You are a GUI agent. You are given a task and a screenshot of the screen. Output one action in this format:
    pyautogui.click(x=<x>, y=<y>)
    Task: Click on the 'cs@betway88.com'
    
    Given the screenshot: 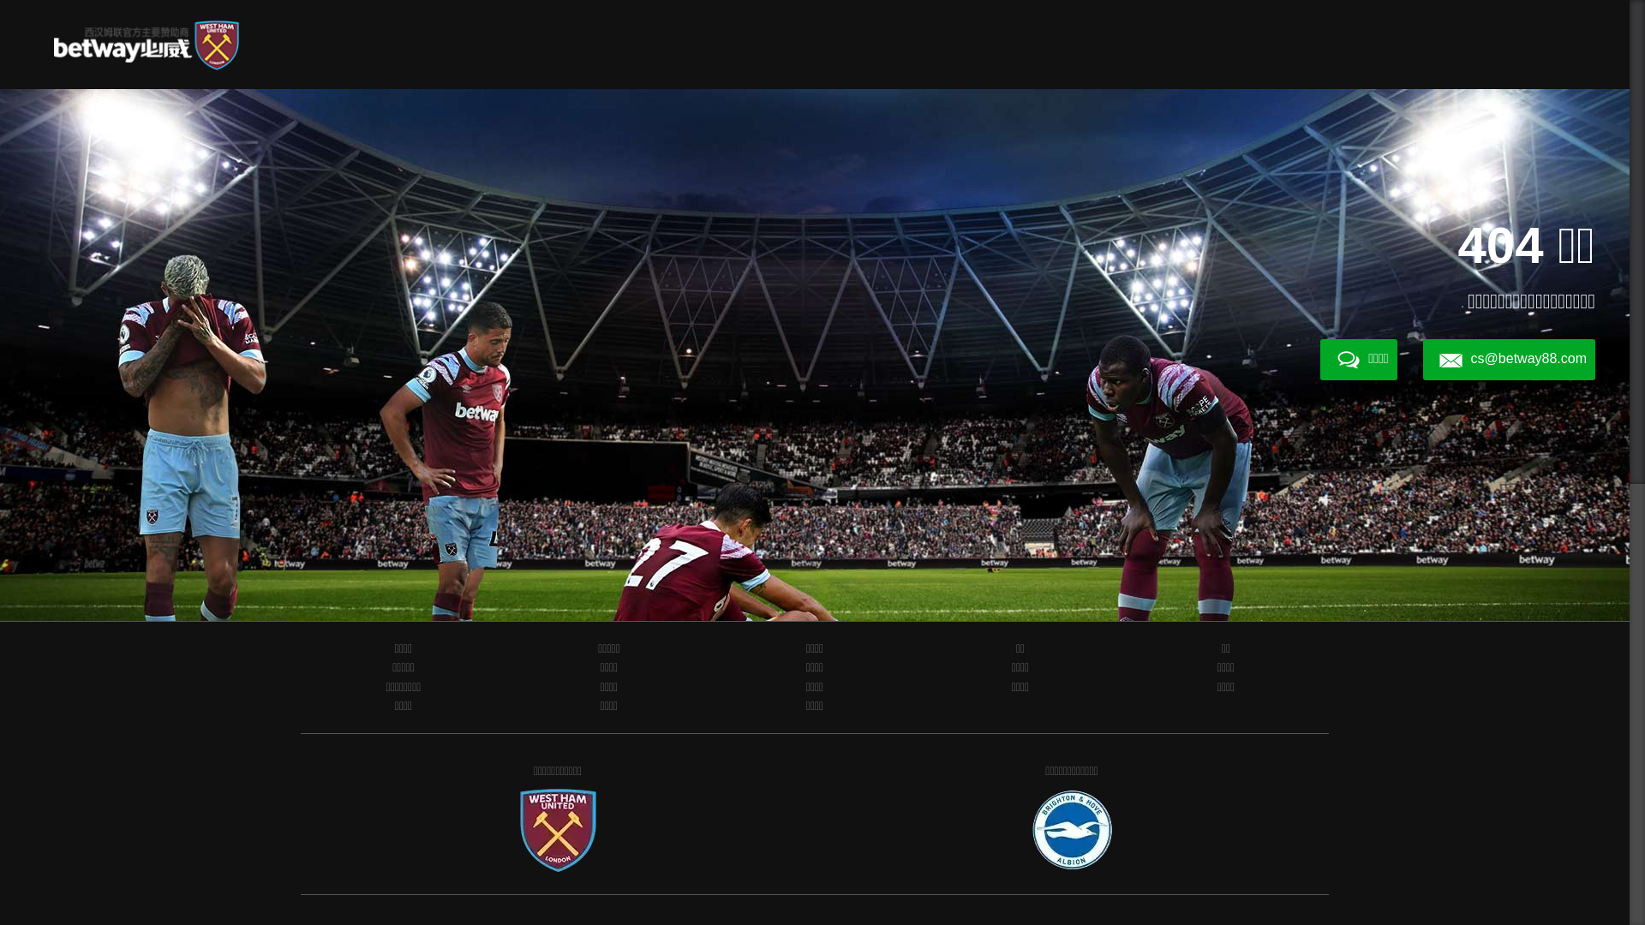 What is the action you would take?
    pyautogui.click(x=1509, y=359)
    